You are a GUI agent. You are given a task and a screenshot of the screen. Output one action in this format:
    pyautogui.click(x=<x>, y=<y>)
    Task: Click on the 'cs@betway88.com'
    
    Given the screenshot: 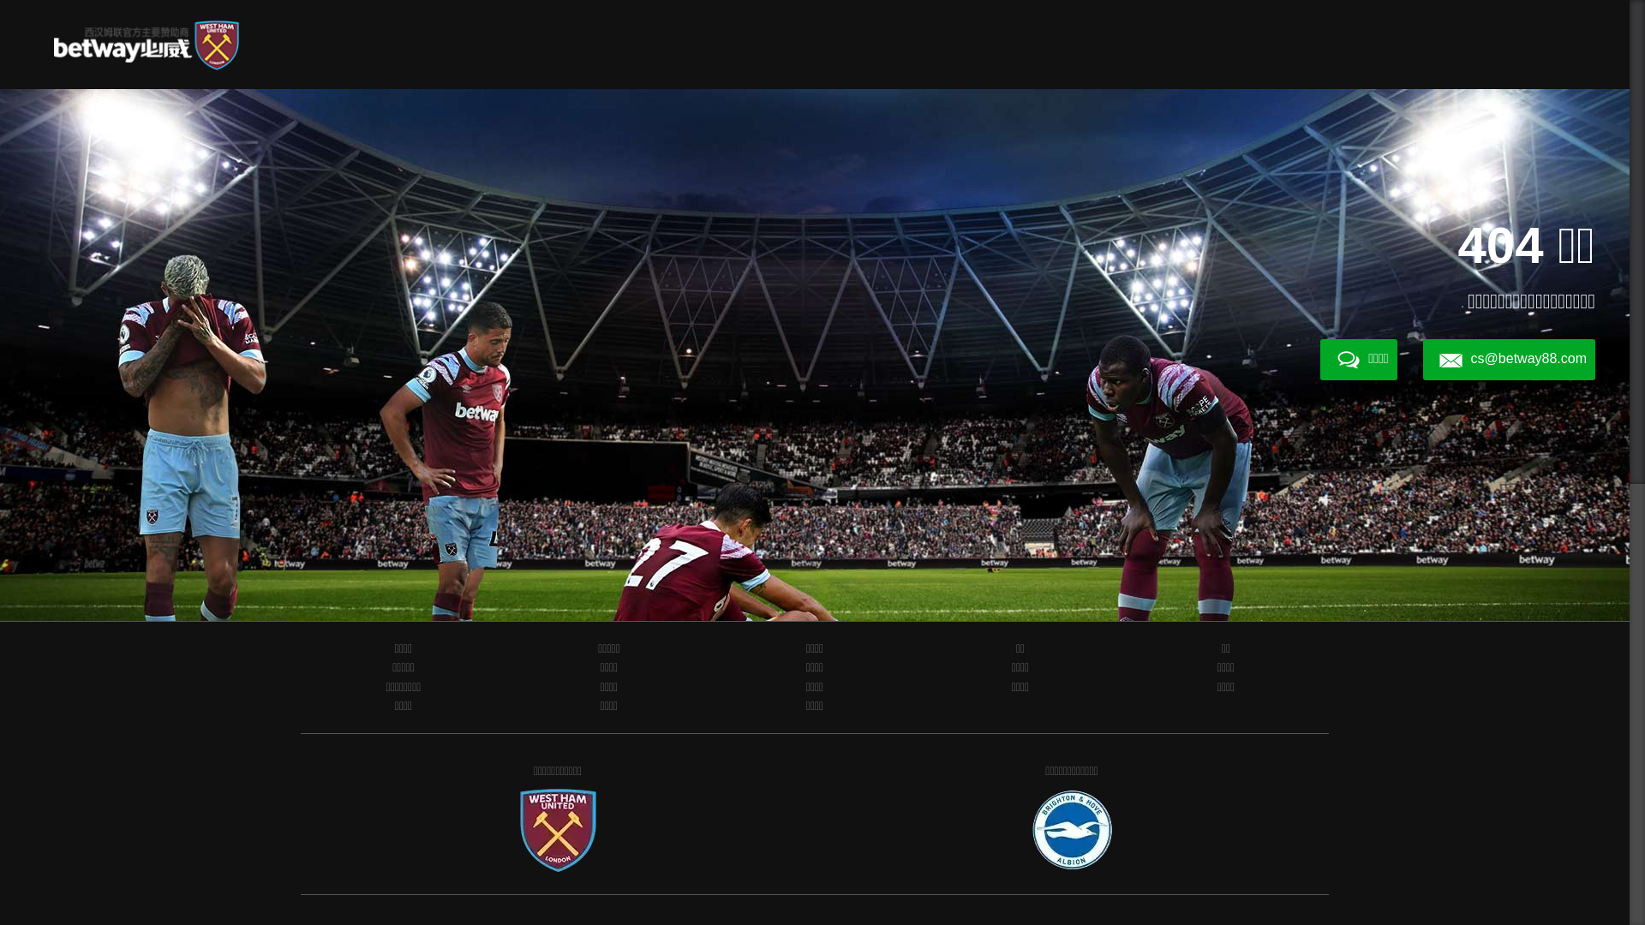 What is the action you would take?
    pyautogui.click(x=1509, y=359)
    